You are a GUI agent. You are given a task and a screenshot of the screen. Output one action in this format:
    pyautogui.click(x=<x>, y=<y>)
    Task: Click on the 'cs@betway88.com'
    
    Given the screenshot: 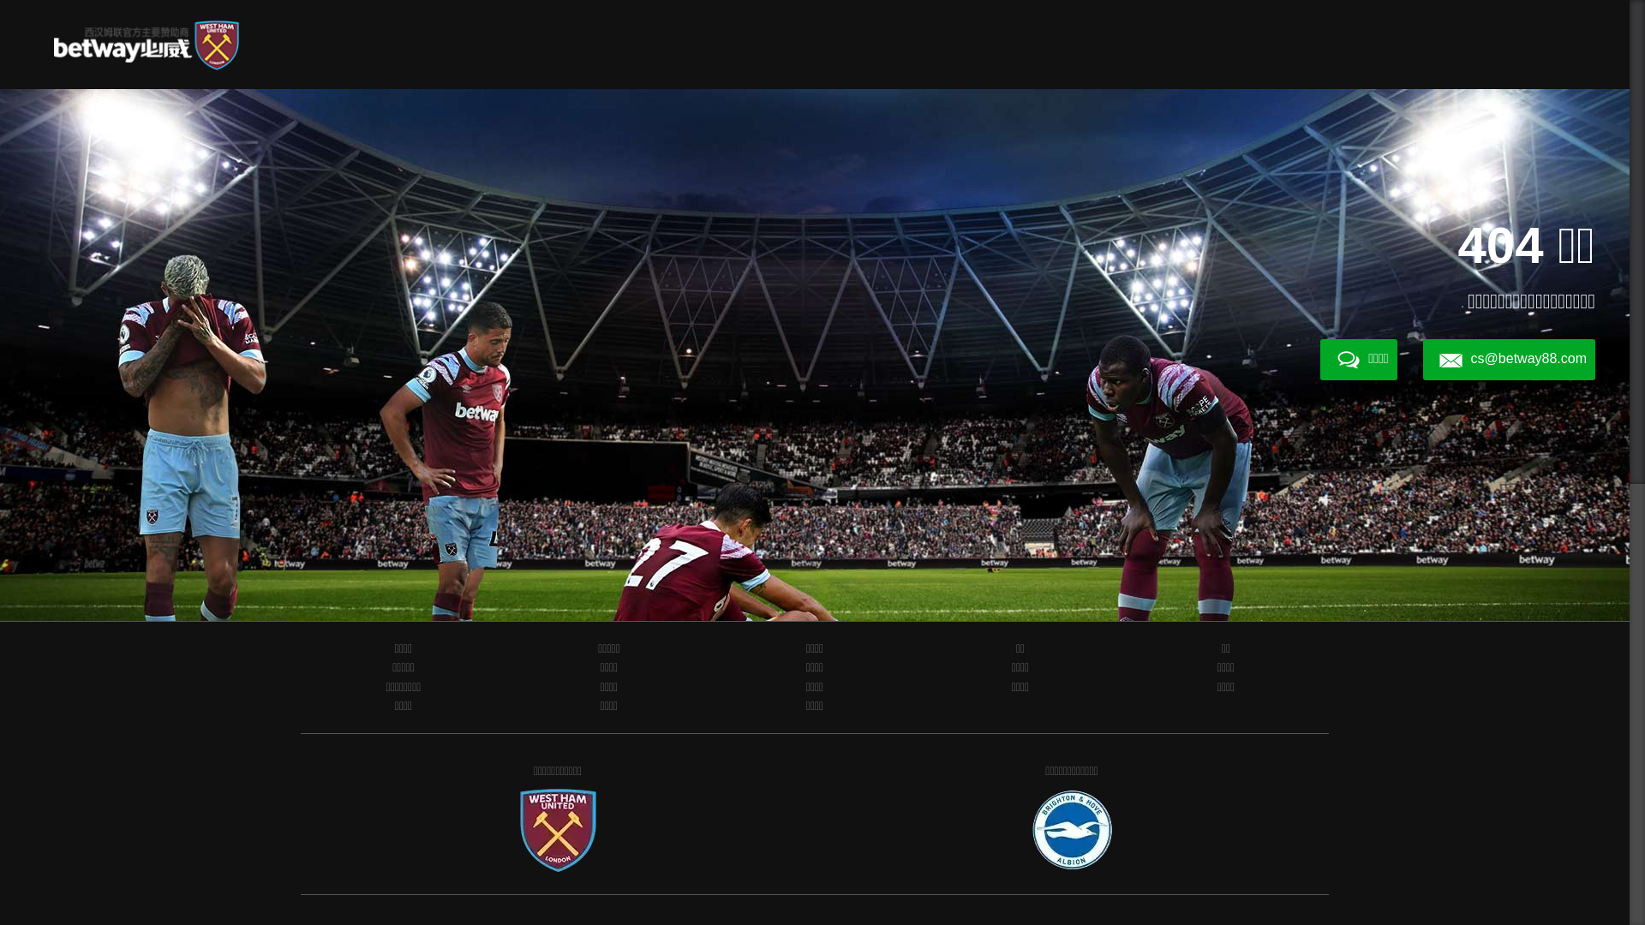 What is the action you would take?
    pyautogui.click(x=1509, y=359)
    